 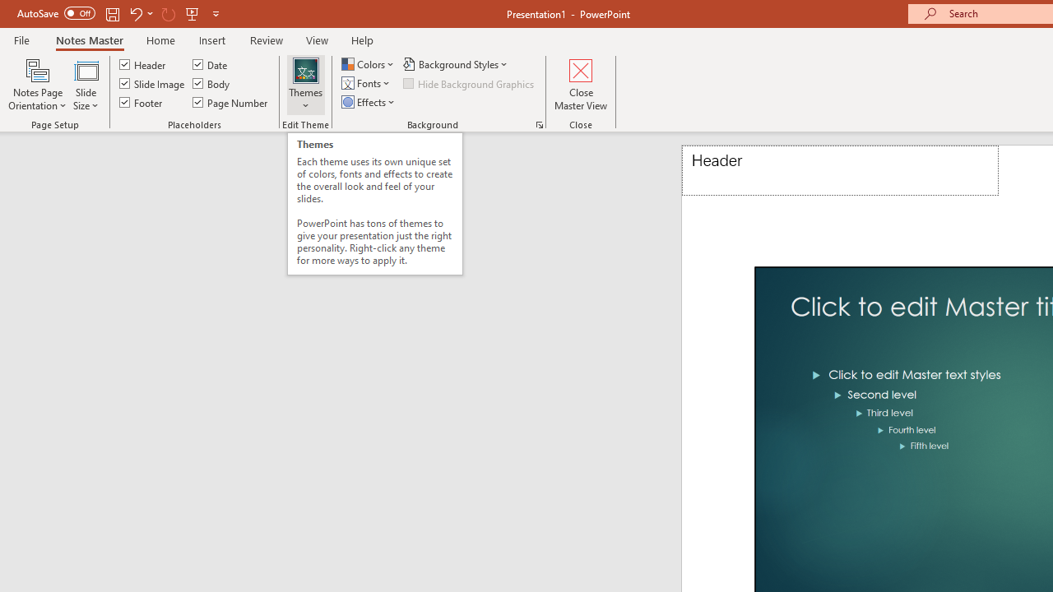 I want to click on 'Colors', so click(x=369, y=63).